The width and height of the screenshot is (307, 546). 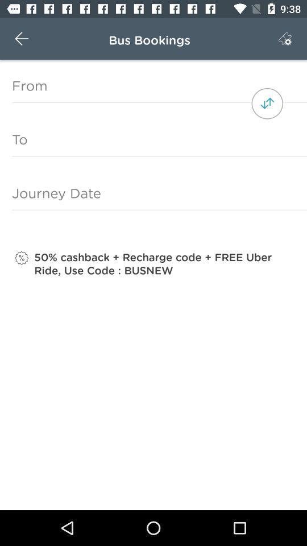 I want to click on the icon to the right of bus bookings item, so click(x=284, y=39).